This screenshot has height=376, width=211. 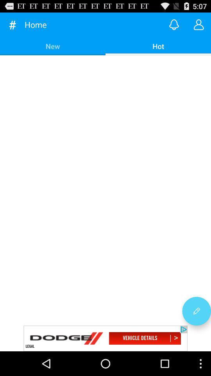 What do you see at coordinates (174, 24) in the screenshot?
I see `online option` at bounding box center [174, 24].